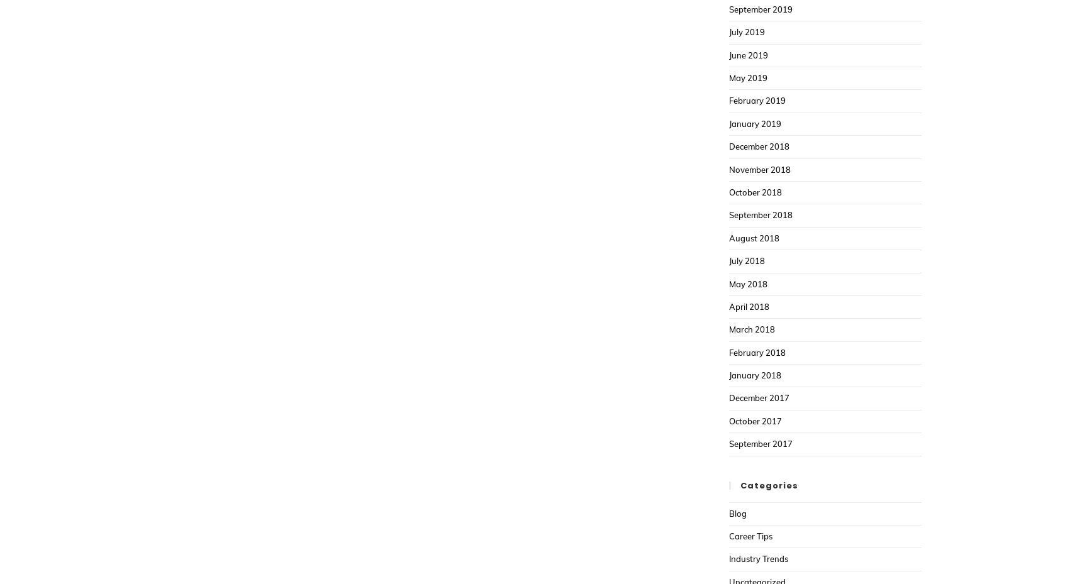 This screenshot has height=584, width=1088. I want to click on 'February 2019', so click(757, 100).